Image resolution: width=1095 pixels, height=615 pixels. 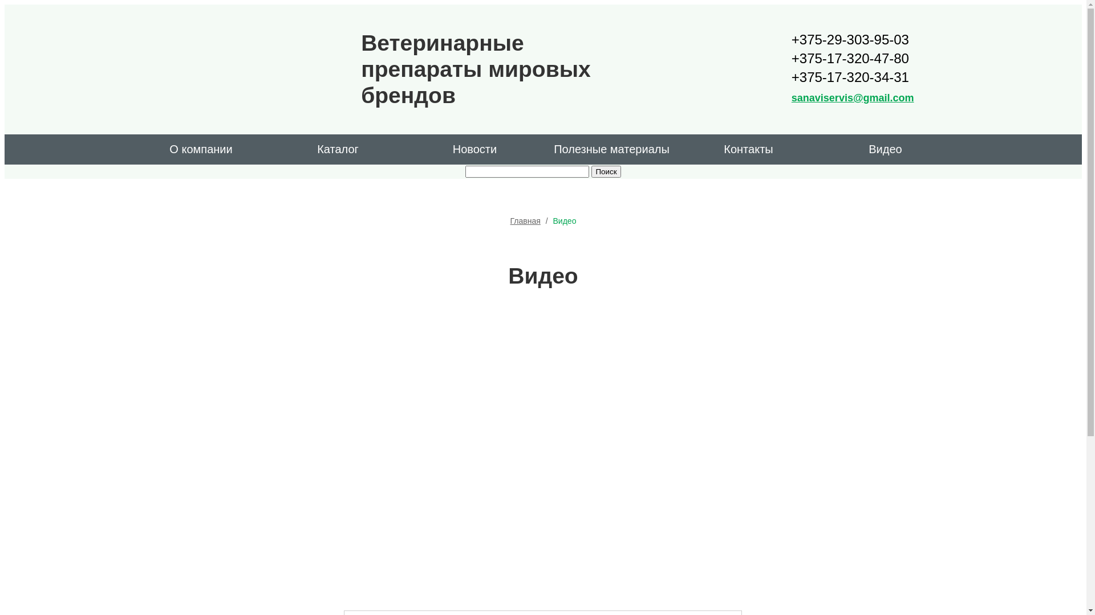 I want to click on 'sanaviservis@gmail.com', so click(x=790, y=97).